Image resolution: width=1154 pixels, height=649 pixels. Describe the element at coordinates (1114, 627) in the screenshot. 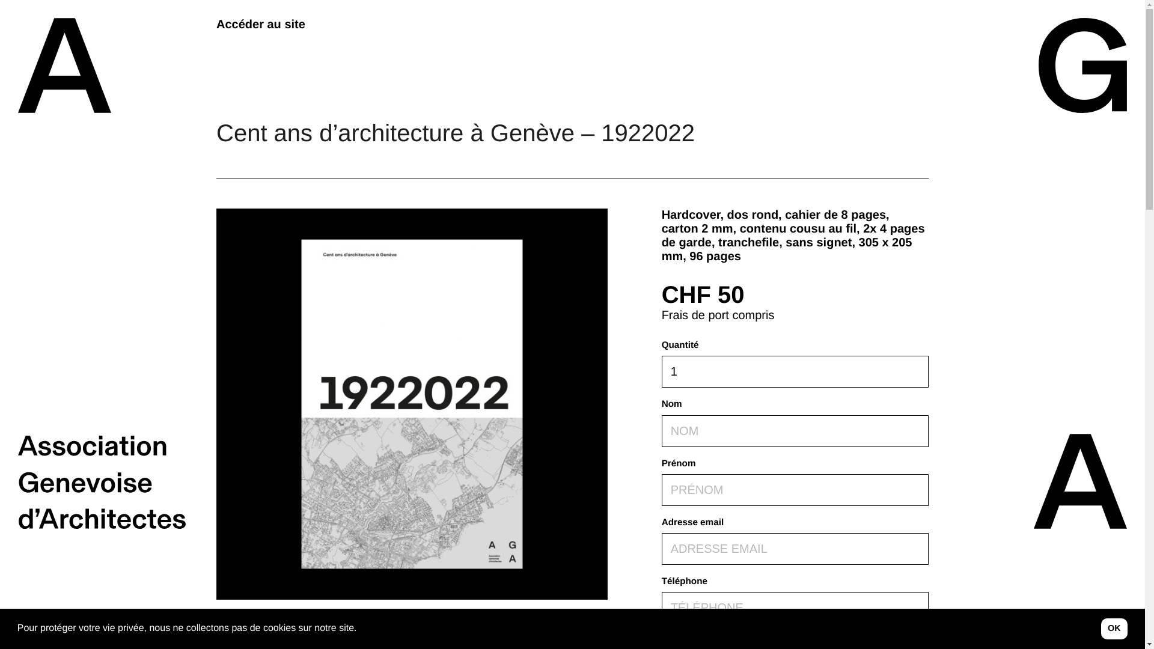

I see `'OK'` at that location.